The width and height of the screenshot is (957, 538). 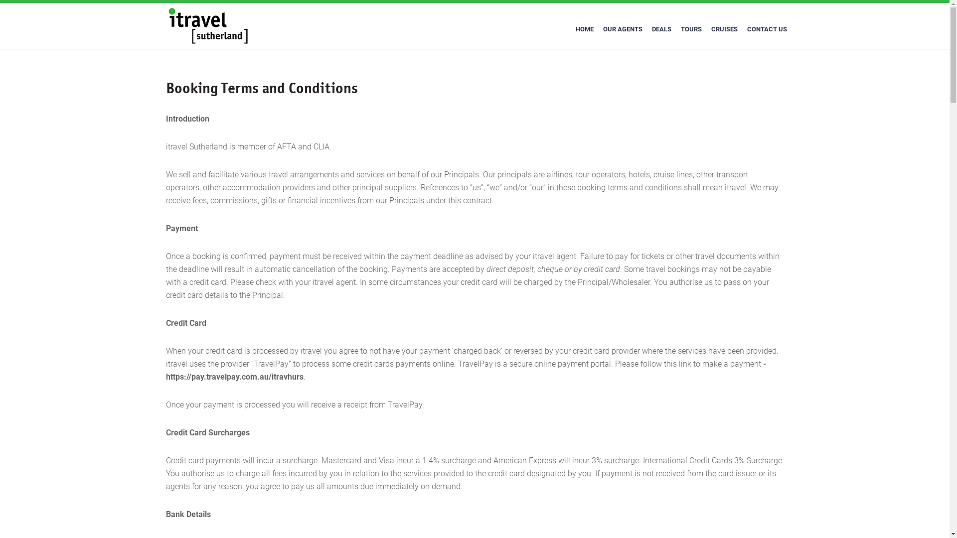 What do you see at coordinates (168, 25) in the screenshot?
I see `'itavel-Sutherland-(dark)'` at bounding box center [168, 25].